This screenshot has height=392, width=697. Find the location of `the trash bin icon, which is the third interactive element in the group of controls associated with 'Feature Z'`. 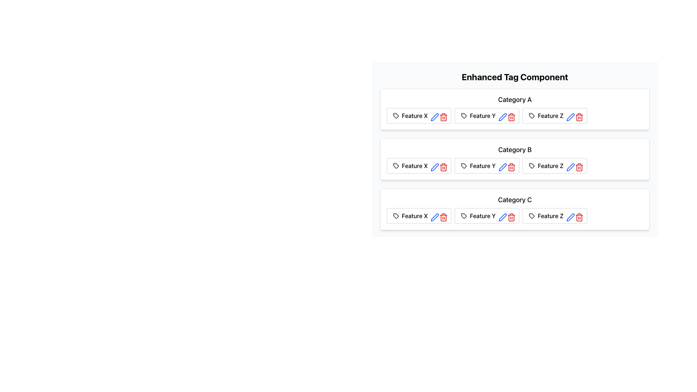

the trash bin icon, which is the third interactive element in the group of controls associated with 'Feature Z' is located at coordinates (578, 166).